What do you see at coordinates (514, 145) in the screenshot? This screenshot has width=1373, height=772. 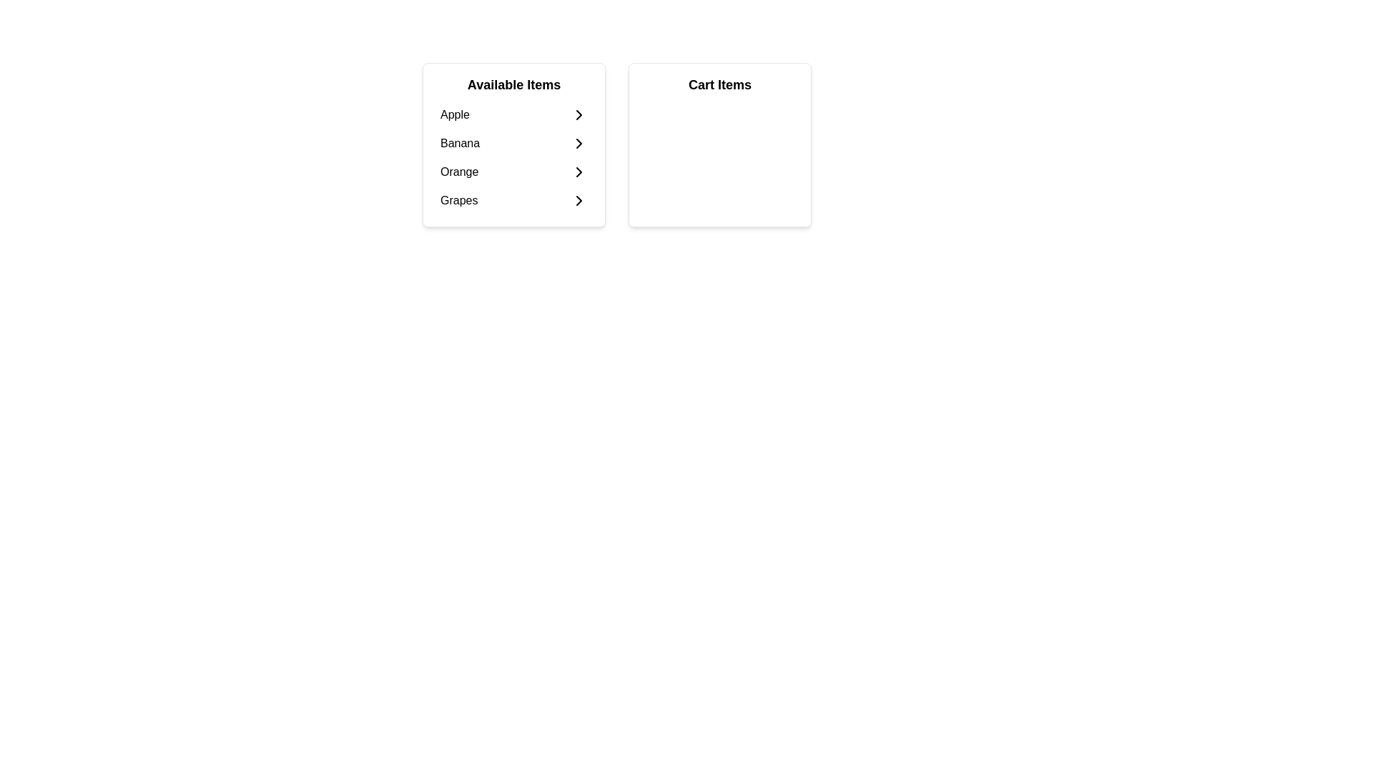 I see `the list item labeled 'Banana'` at bounding box center [514, 145].